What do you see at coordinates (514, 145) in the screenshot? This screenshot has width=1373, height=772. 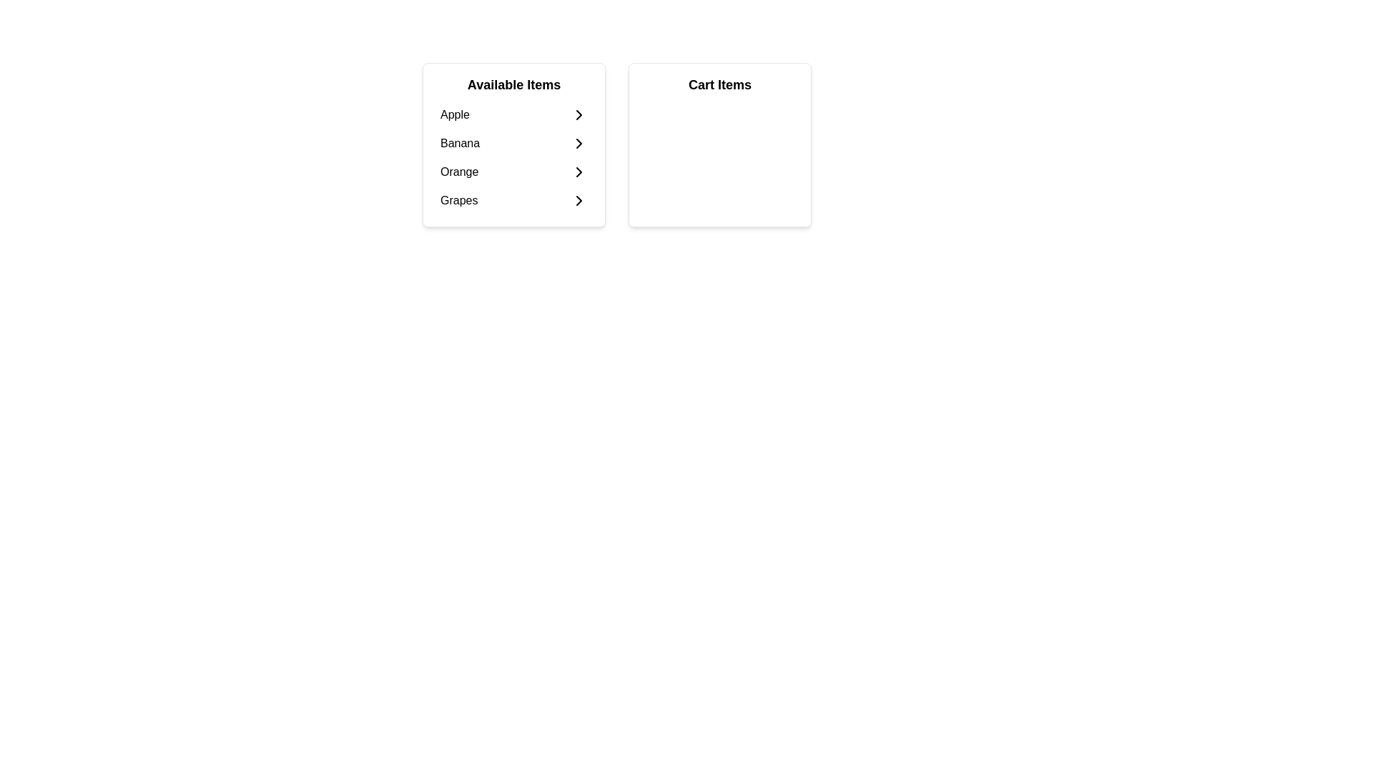 I see `the list item labeled 'Banana'` at bounding box center [514, 145].